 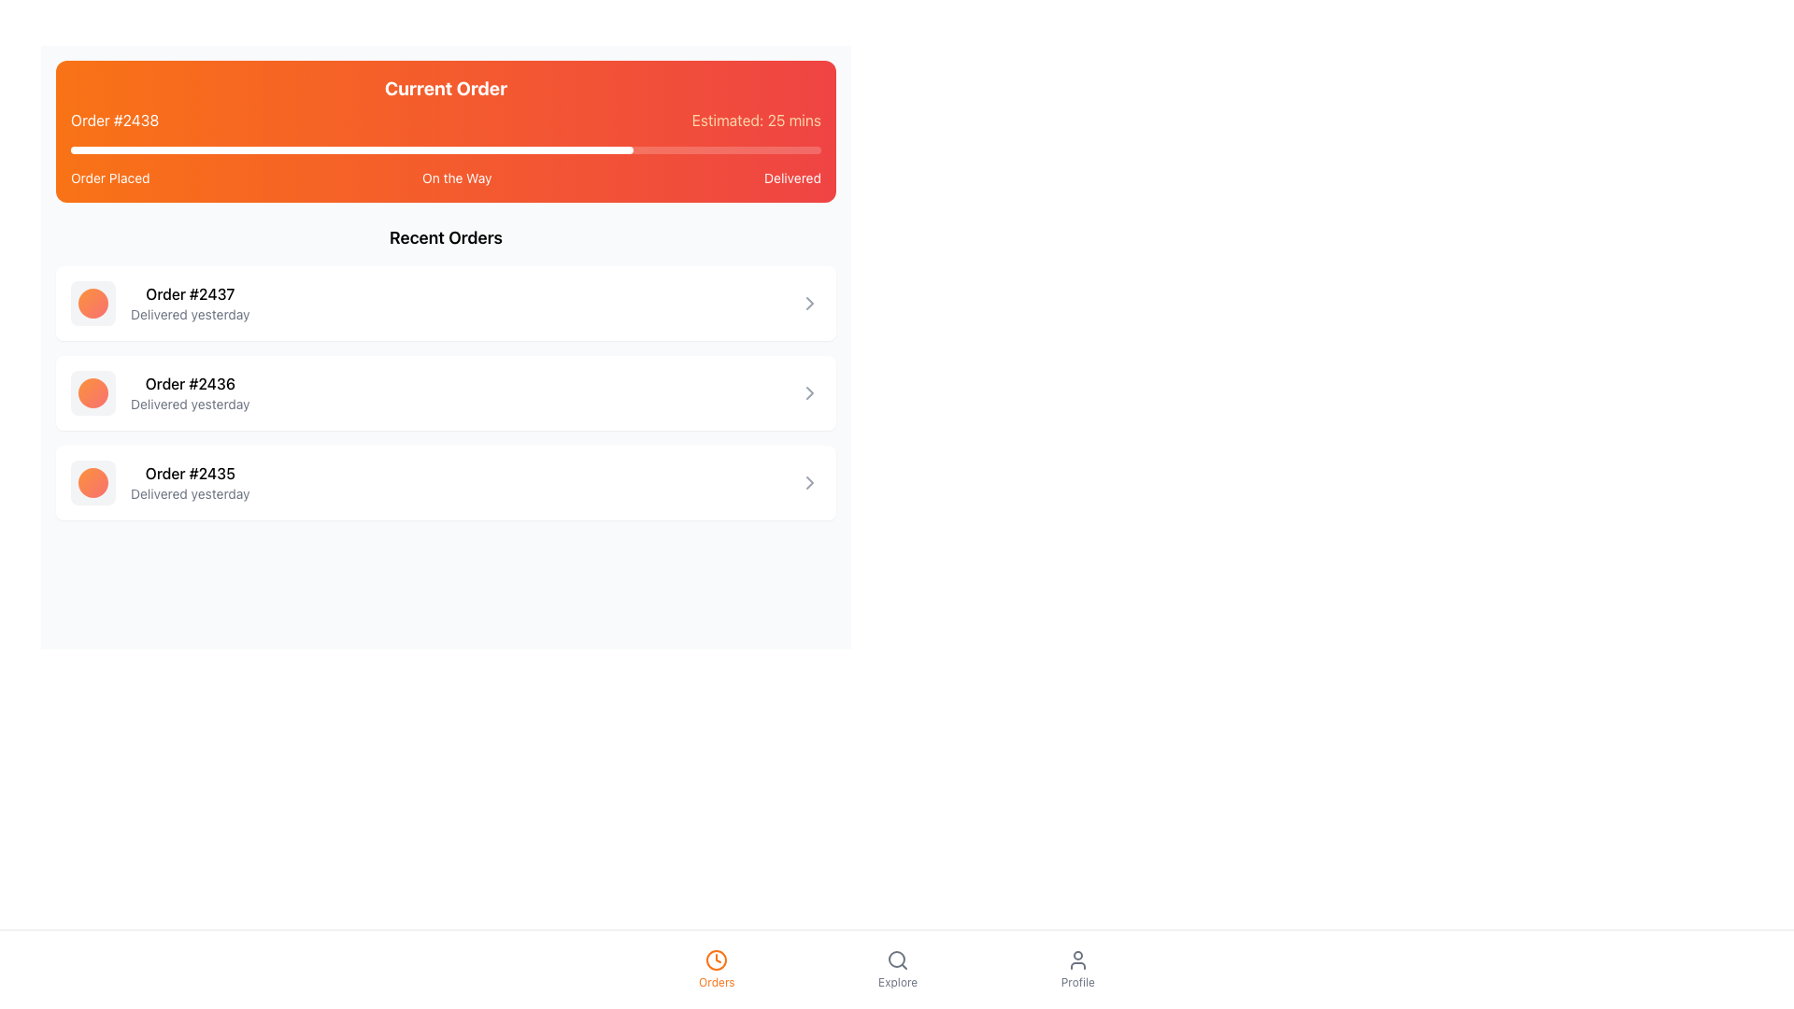 What do you see at coordinates (445, 89) in the screenshot?
I see `the bold text label displaying 'Current Order' with a vibrant gradient background, located at the top of the current order's status section` at bounding box center [445, 89].